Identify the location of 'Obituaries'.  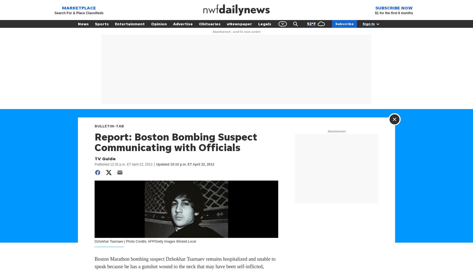
(199, 23).